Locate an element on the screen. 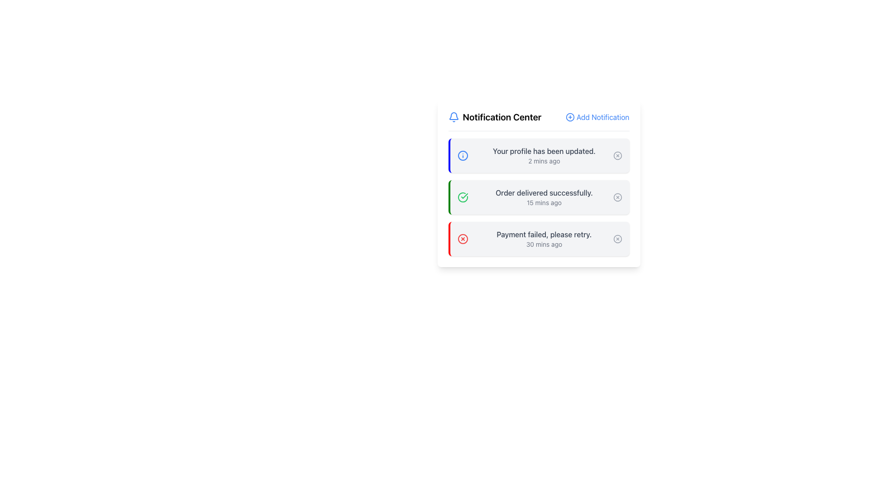  the 'Notification Center' label with a blue notification bell icon located towards the left of the header bar is located at coordinates (494, 116).